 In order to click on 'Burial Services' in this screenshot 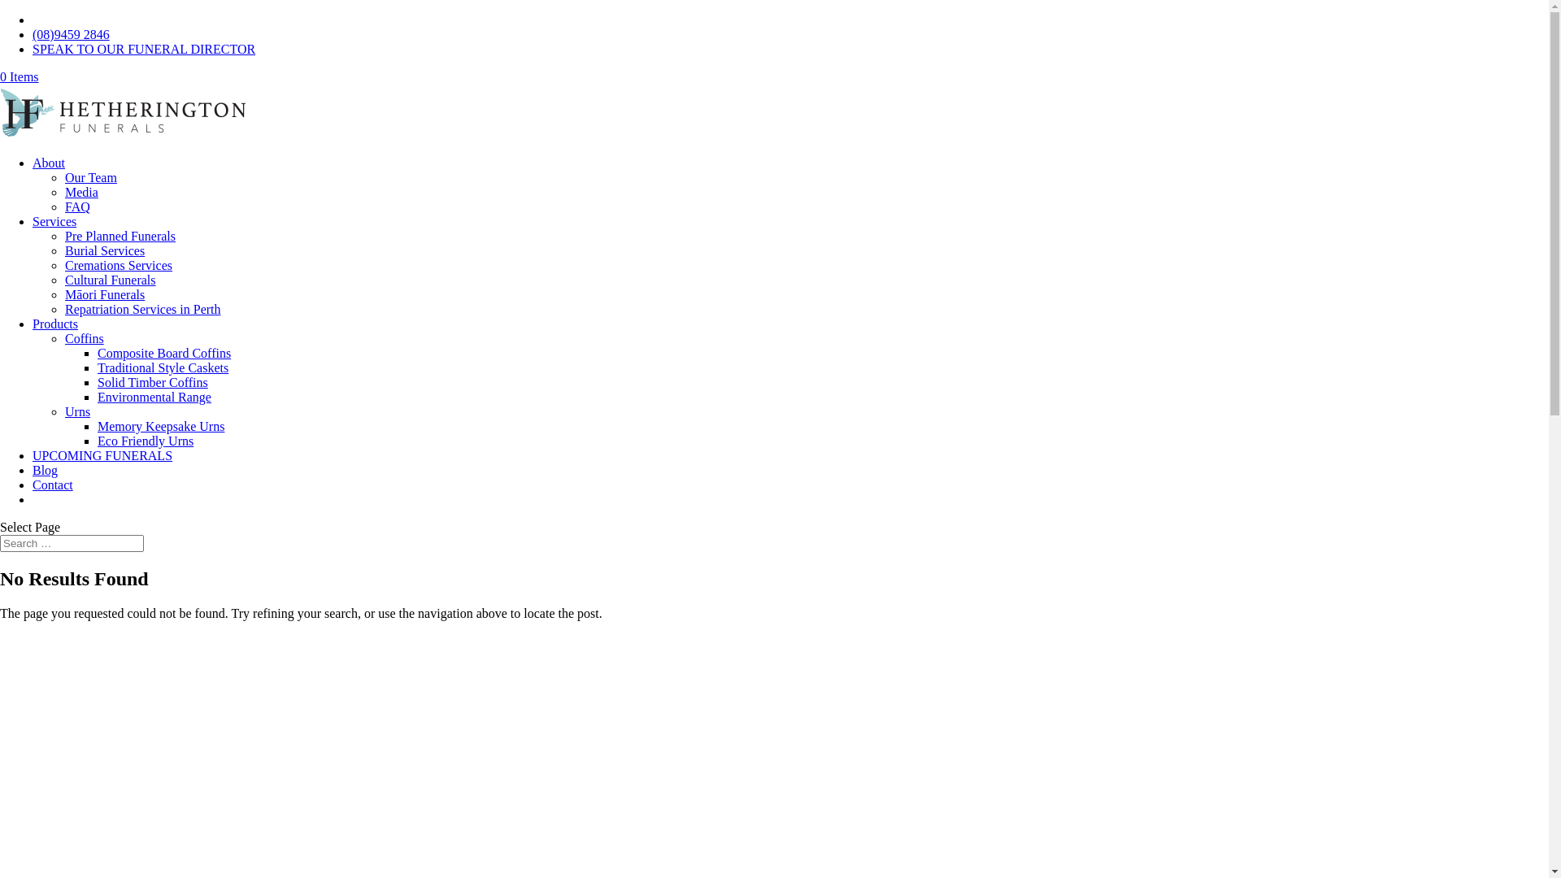, I will do `click(65, 250)`.